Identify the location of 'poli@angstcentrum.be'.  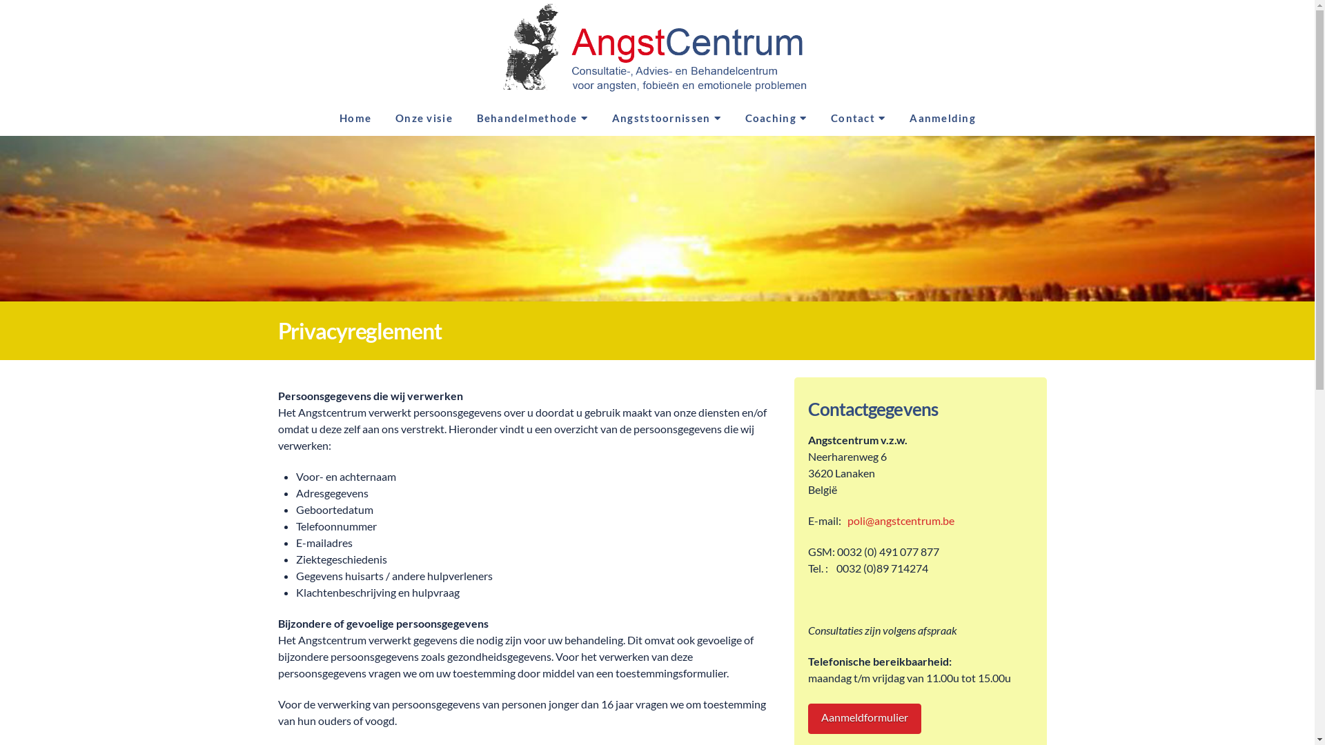
(901, 520).